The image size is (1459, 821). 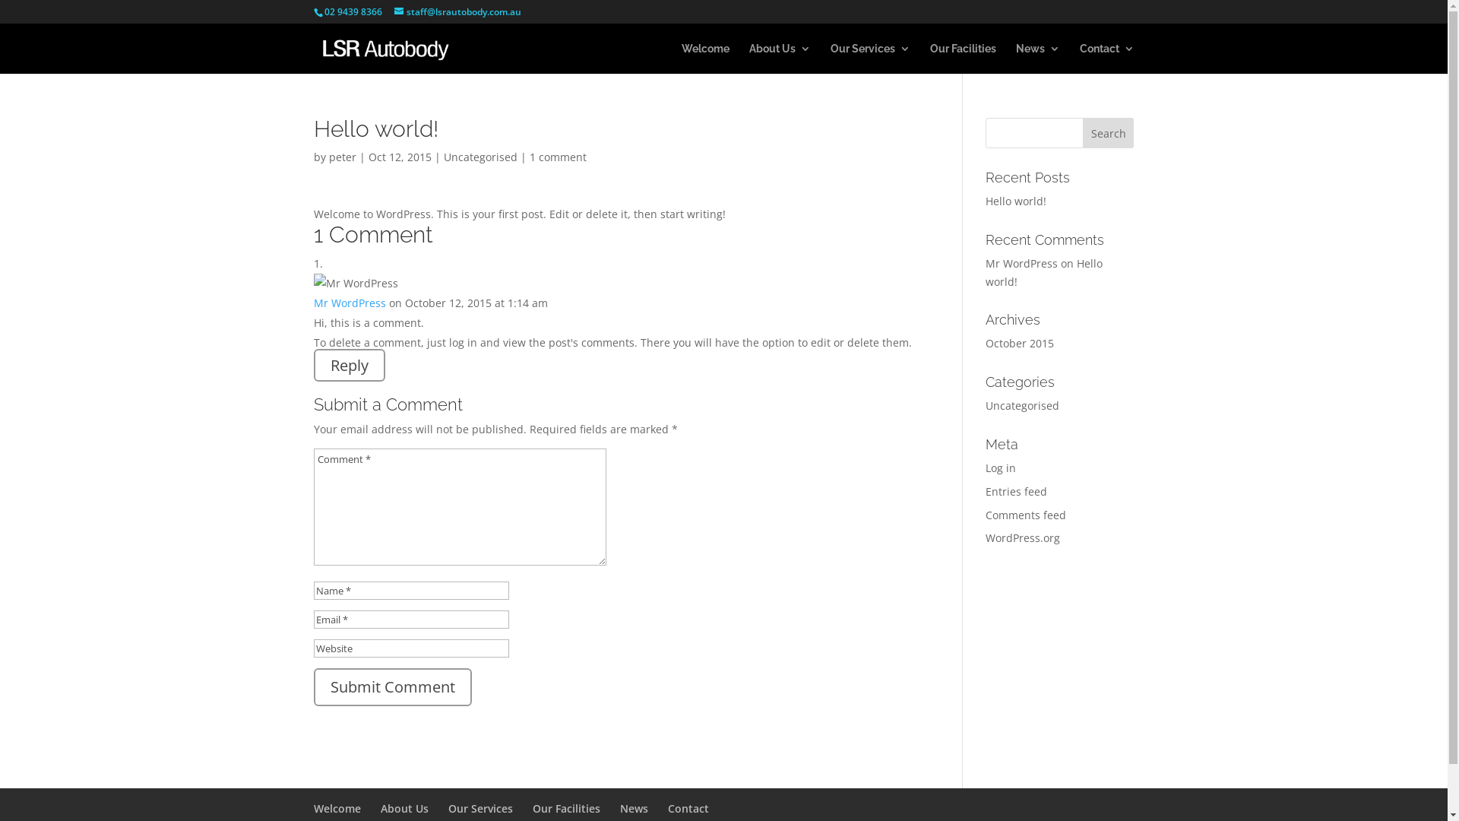 What do you see at coordinates (529, 157) in the screenshot?
I see `'1 comment'` at bounding box center [529, 157].